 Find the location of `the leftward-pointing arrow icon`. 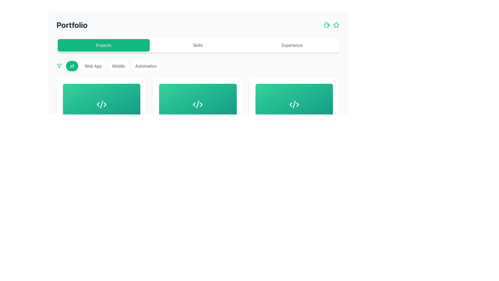

the leftward-pointing arrow icon is located at coordinates (290, 104).